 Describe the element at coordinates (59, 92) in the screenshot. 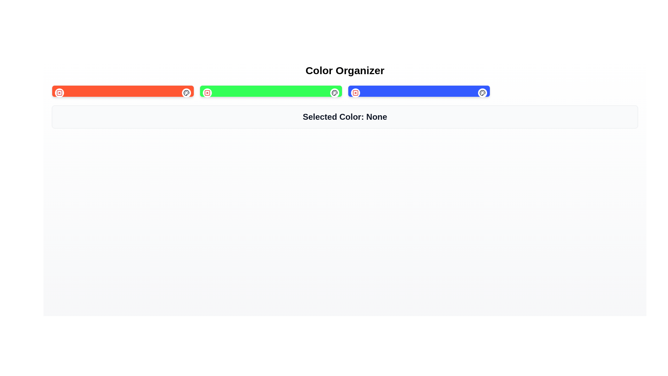

I see `the red close or delete icon button, which is located near the top-right corner of the green section of the bar, within a circular white background` at that location.